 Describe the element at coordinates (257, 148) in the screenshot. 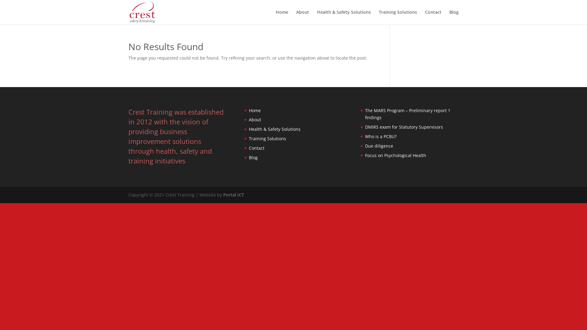

I see `'Contact'` at that location.